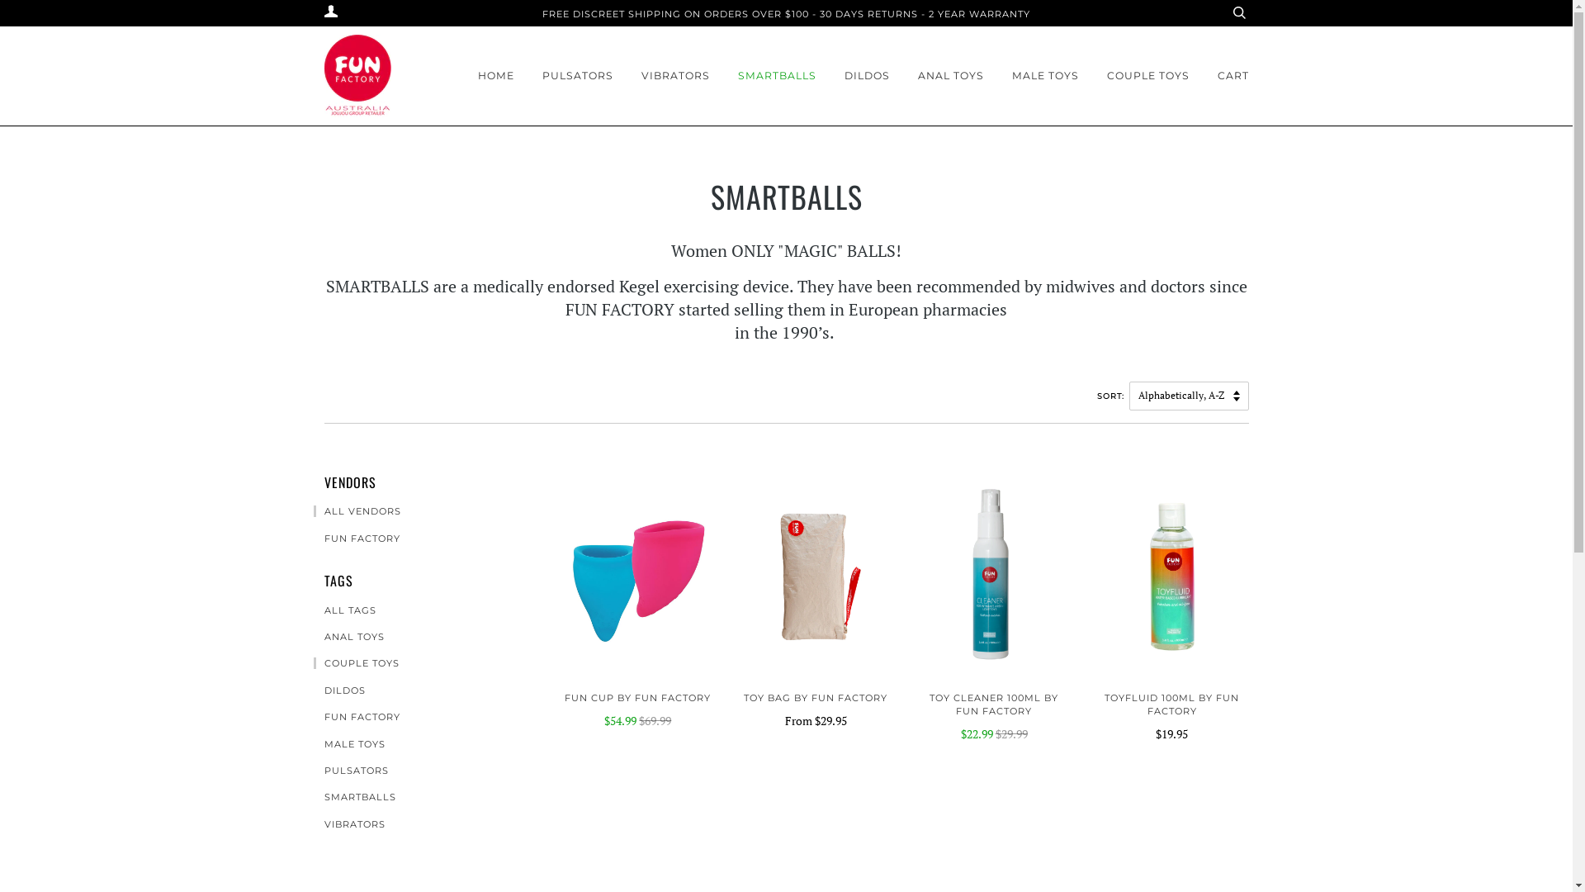  I want to click on 'COUPLE TOYS', so click(356, 662).